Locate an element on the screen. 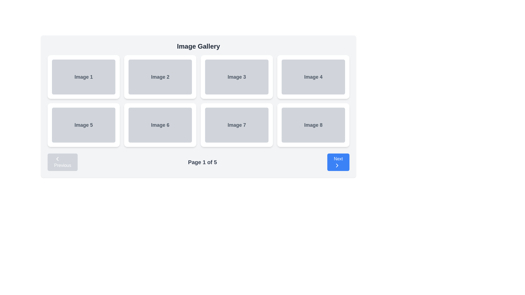 This screenshot has width=525, height=295. the placeholder element for 'Image 8' which is styled with a gray background and contains bold, dark gray text, located in the last column of the second row in the grid layout is located at coordinates (313, 125).